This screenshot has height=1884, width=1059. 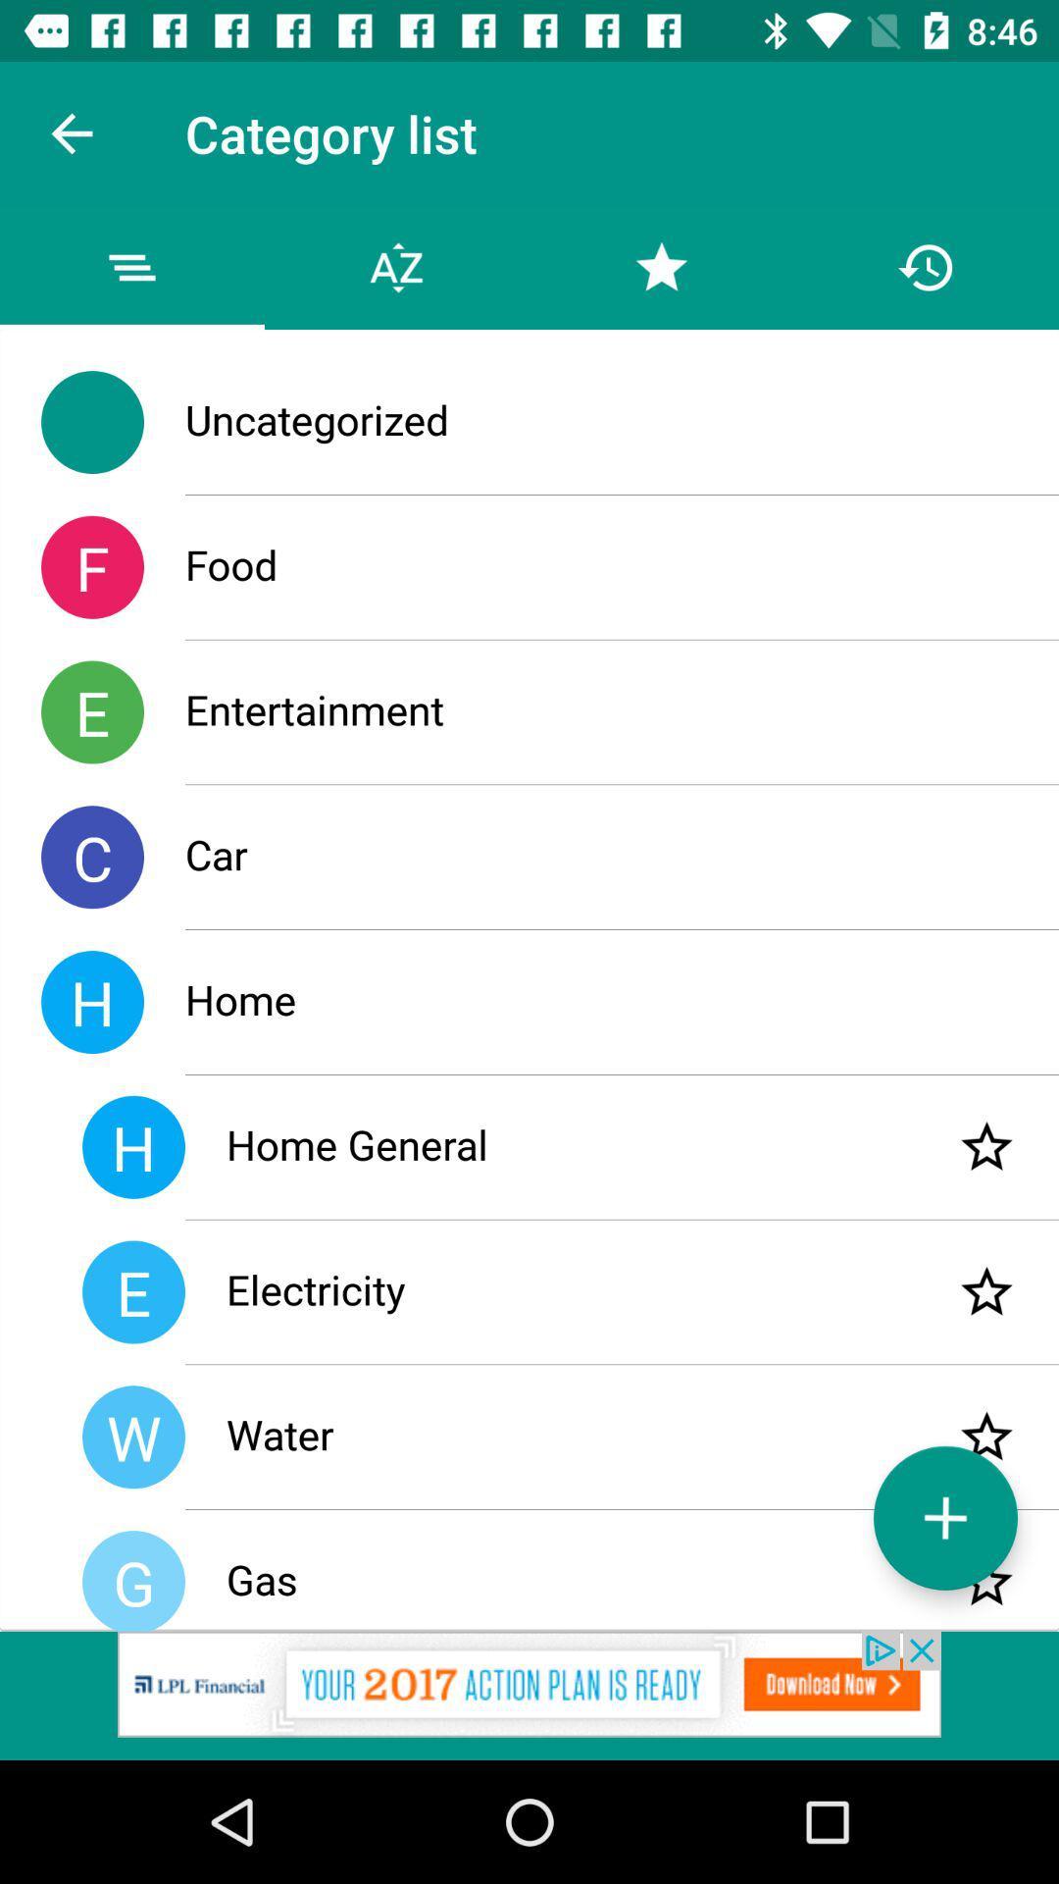 I want to click on category, so click(x=944, y=1517).